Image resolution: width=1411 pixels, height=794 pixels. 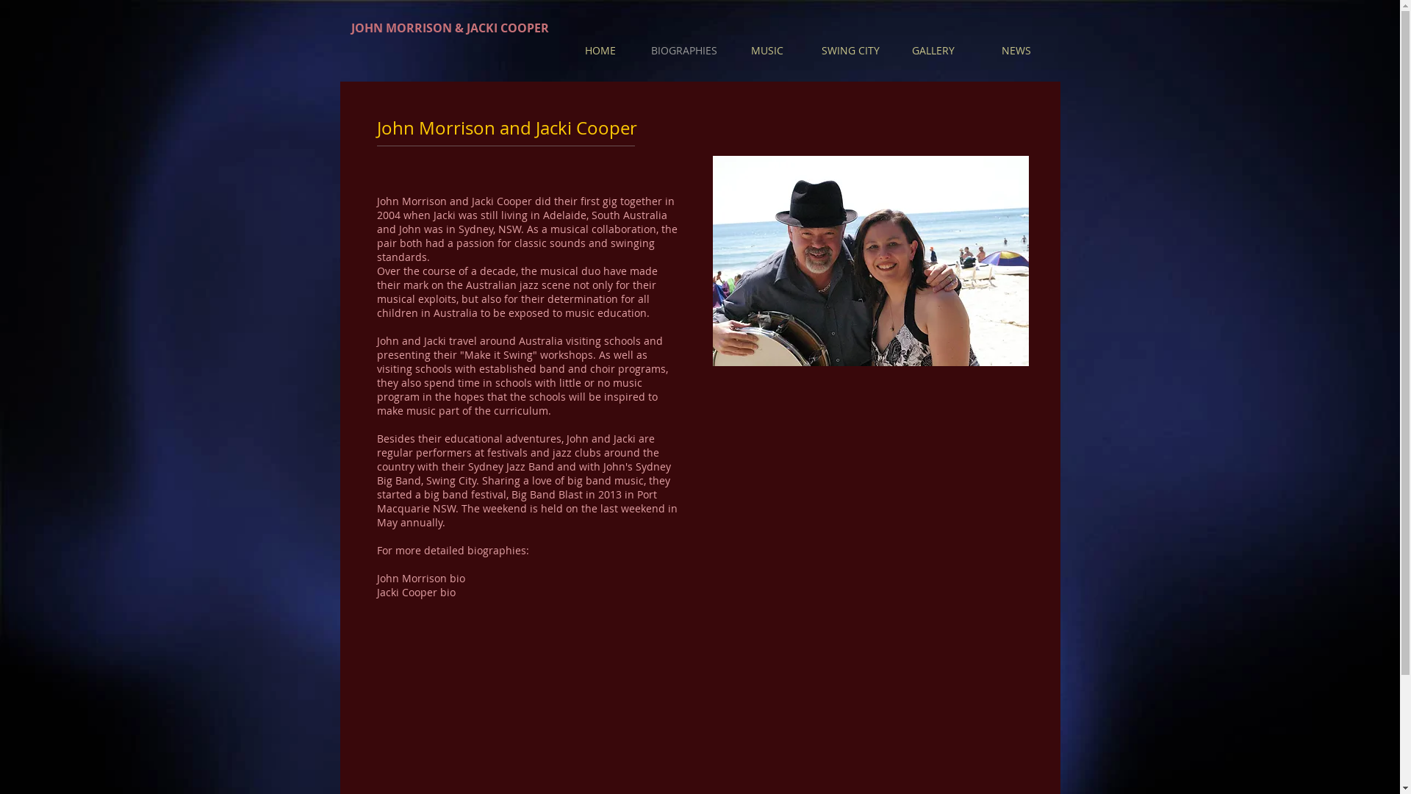 What do you see at coordinates (600, 49) in the screenshot?
I see `'HOME'` at bounding box center [600, 49].